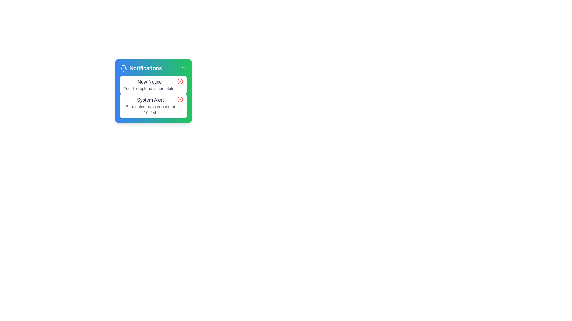  Describe the element at coordinates (150, 100) in the screenshot. I see `the 'System Alert' text label, which is displayed in bold dark gray font above the smaller text line regarding scheduled maintenance, located within the second item of a notification card` at that location.